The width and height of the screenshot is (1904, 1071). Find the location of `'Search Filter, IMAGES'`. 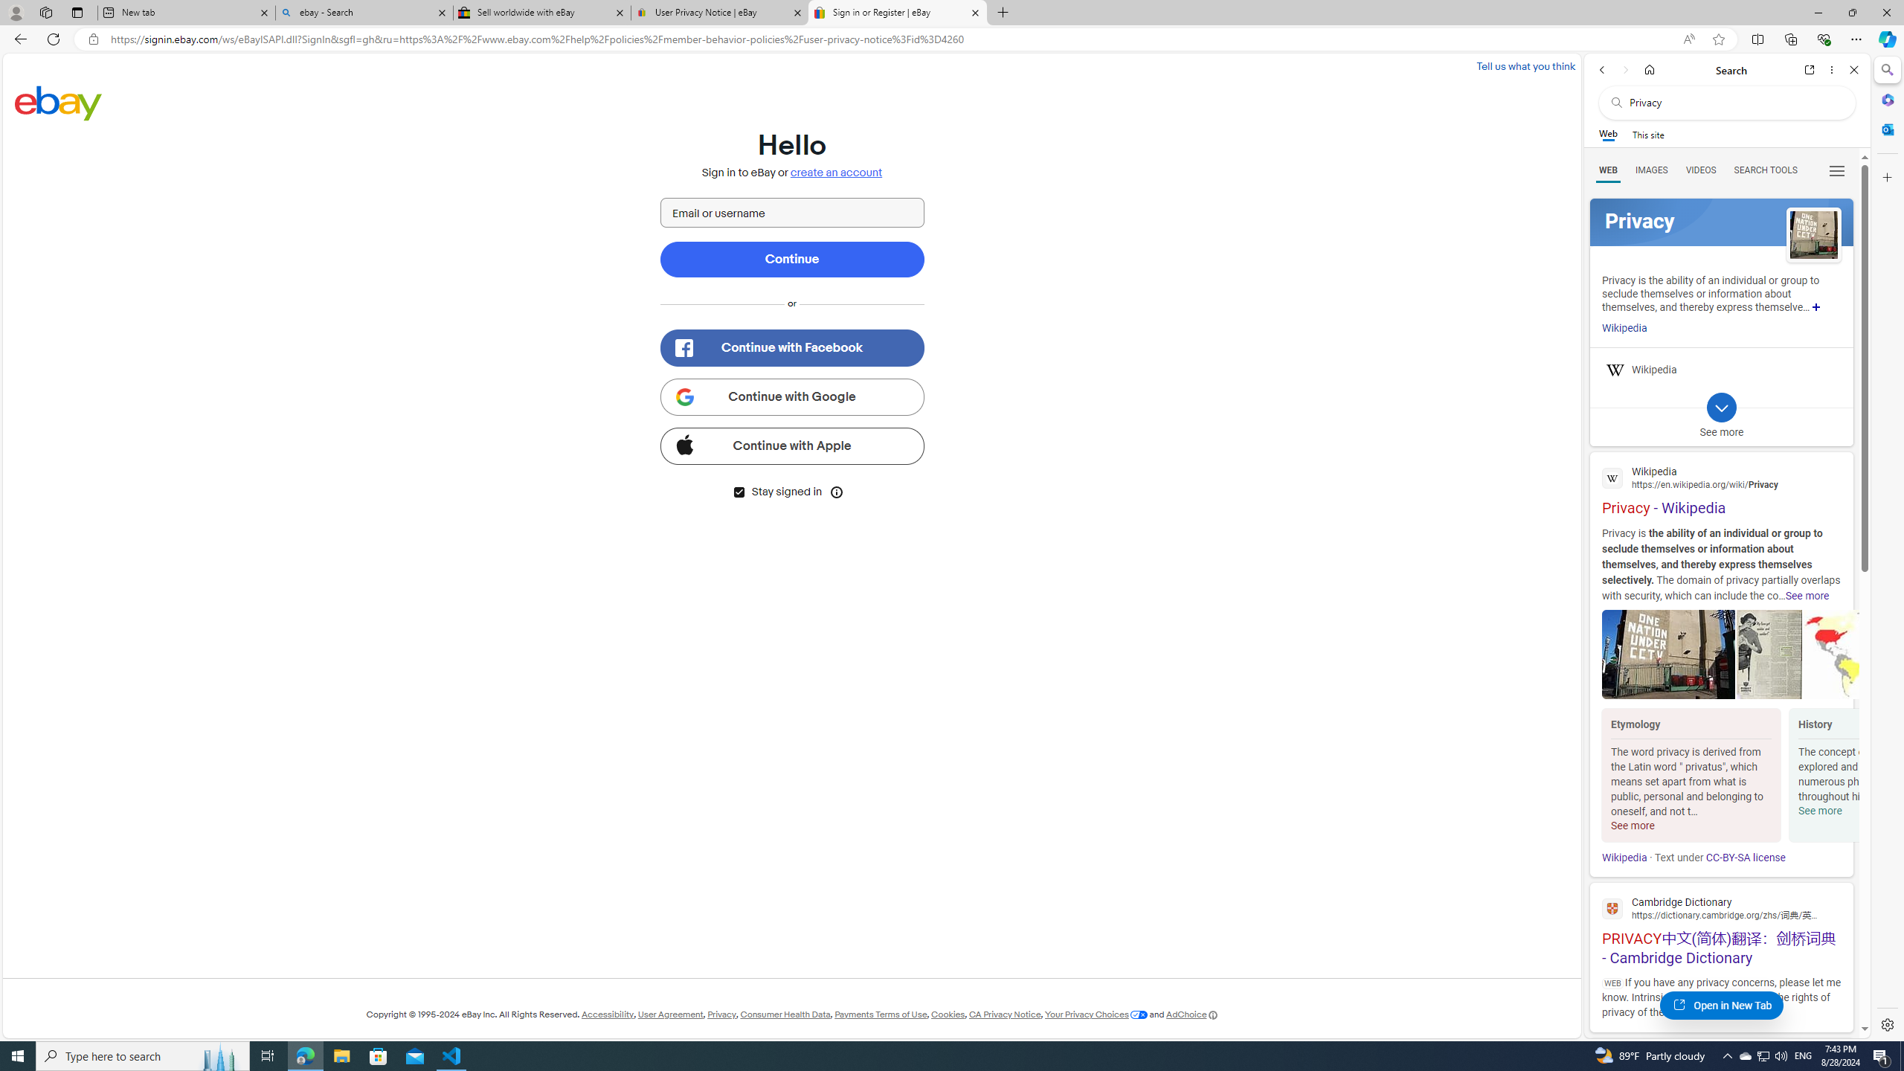

'Search Filter, IMAGES' is located at coordinates (1650, 169).